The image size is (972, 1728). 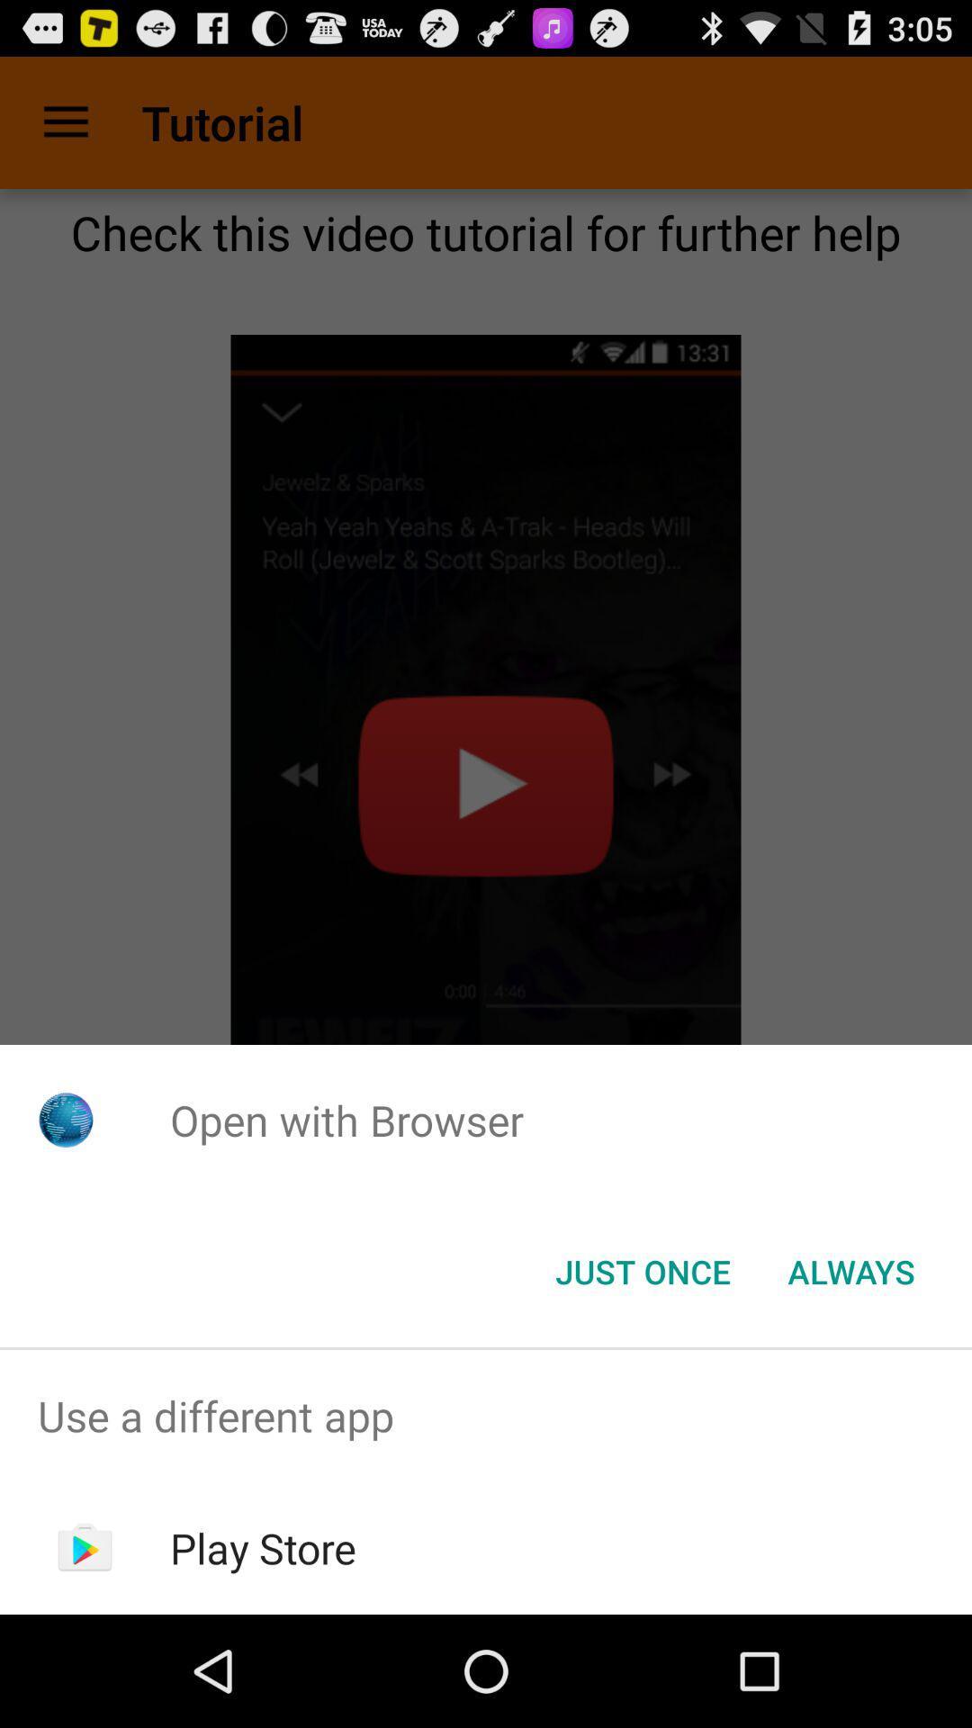 What do you see at coordinates (486, 1415) in the screenshot?
I see `the item above the play store` at bounding box center [486, 1415].